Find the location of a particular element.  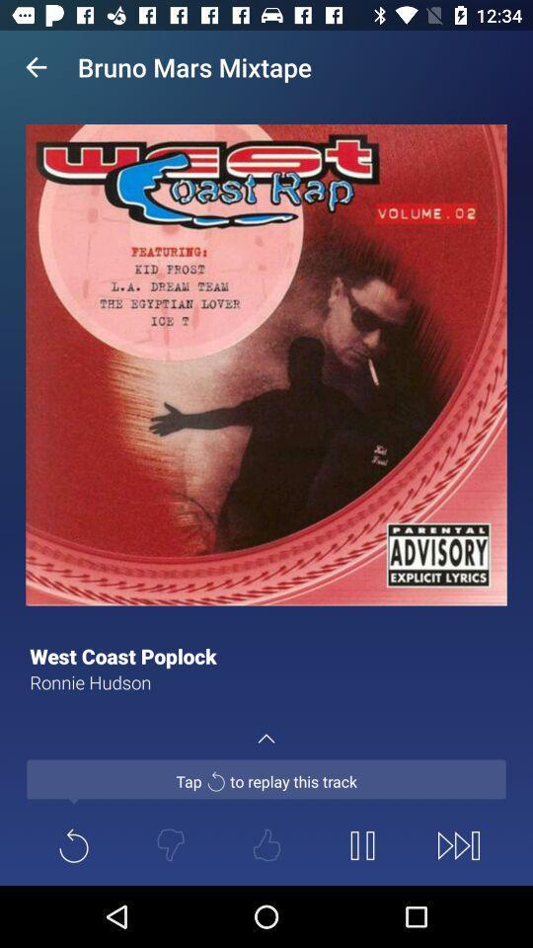

the thumbs_down icon is located at coordinates (170, 844).